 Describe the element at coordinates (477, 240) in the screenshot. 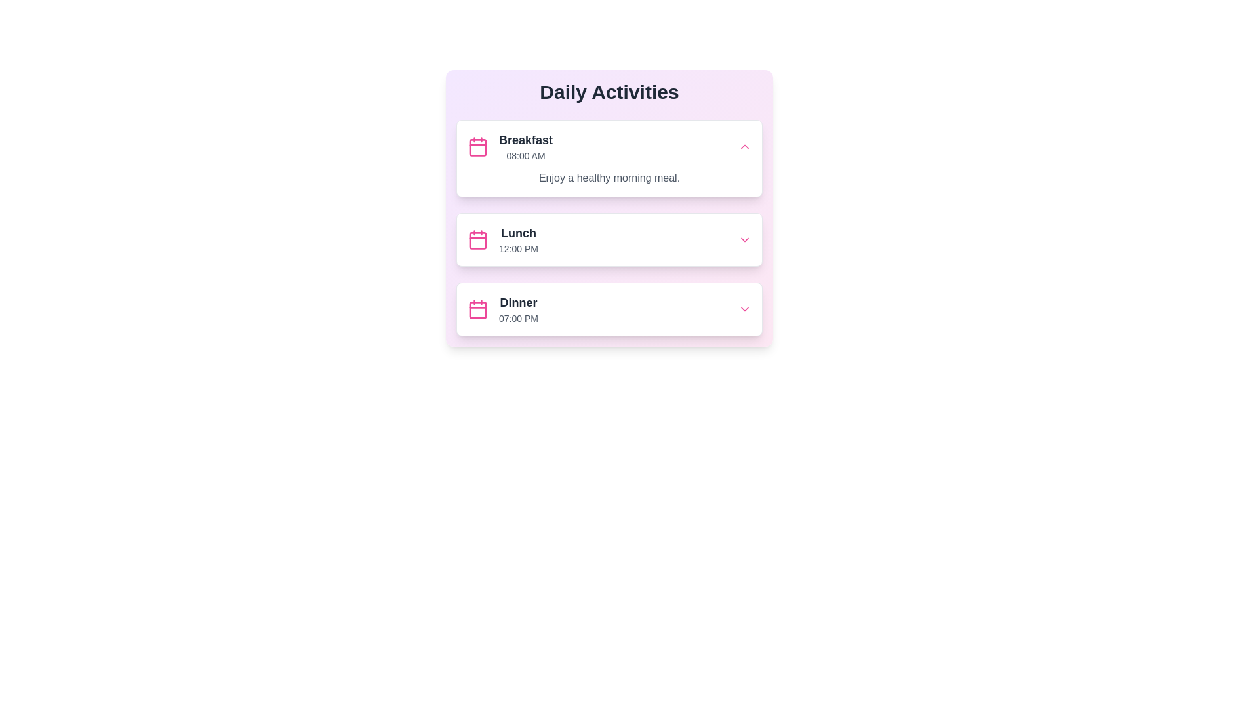

I see `the calendar icon representing the 'Lunch' event at 12:00 PM, located to the left of the text 'Lunch' in the 'Daily Activities' list` at that location.